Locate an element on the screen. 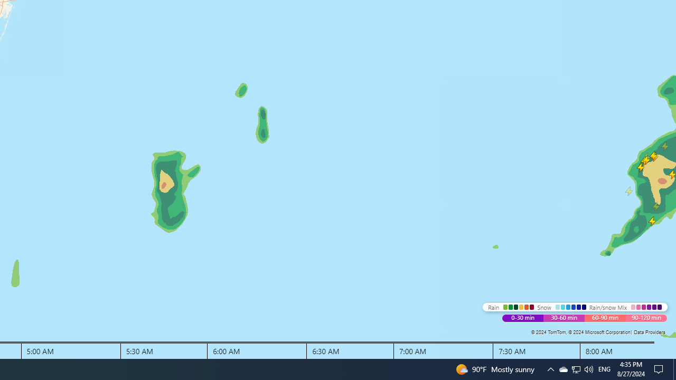  'Q2790: 100%' is located at coordinates (562, 368).